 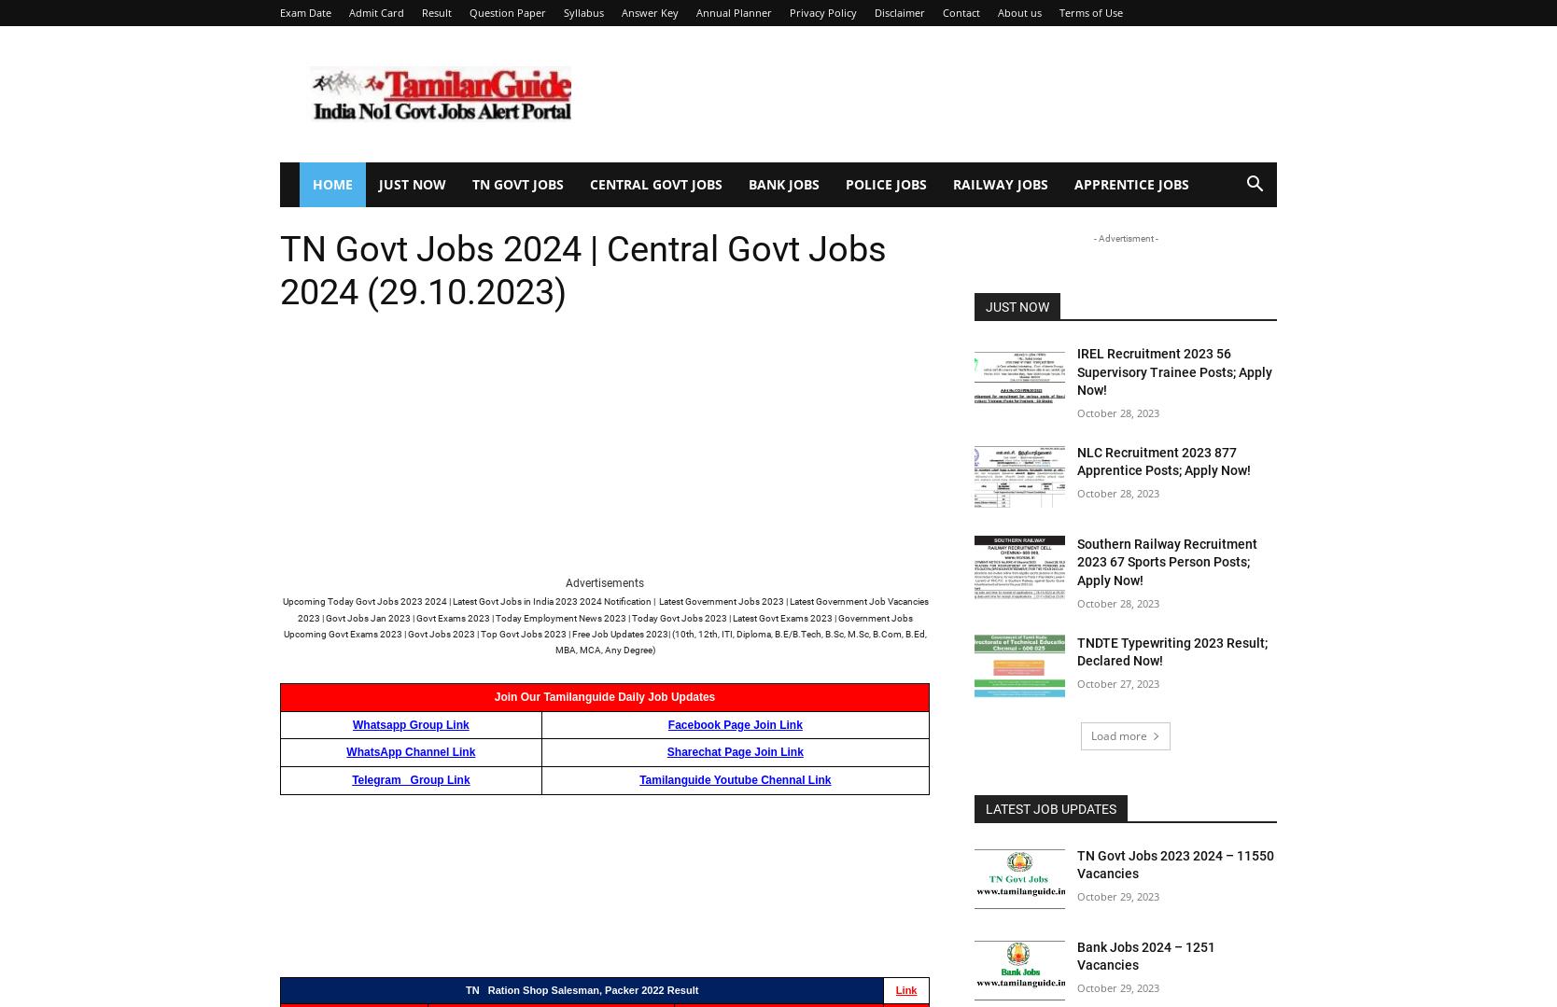 What do you see at coordinates (1051, 808) in the screenshot?
I see `'Latest Job Updates'` at bounding box center [1051, 808].